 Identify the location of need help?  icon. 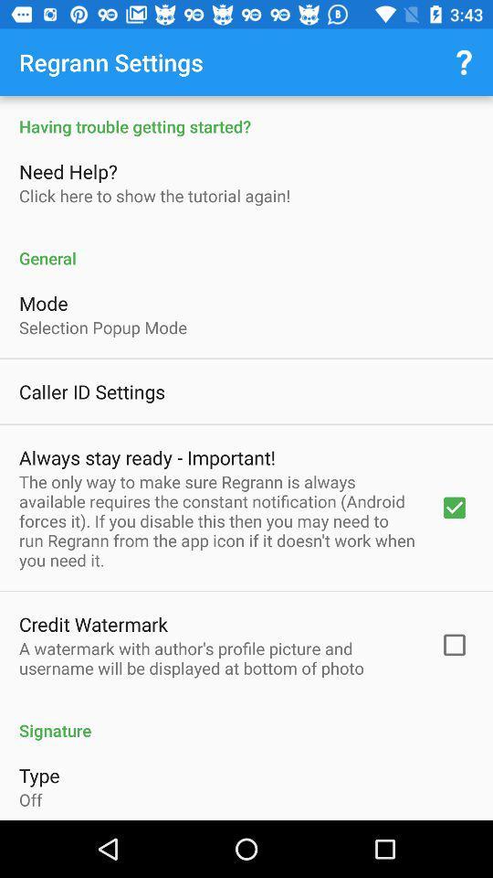
(69, 171).